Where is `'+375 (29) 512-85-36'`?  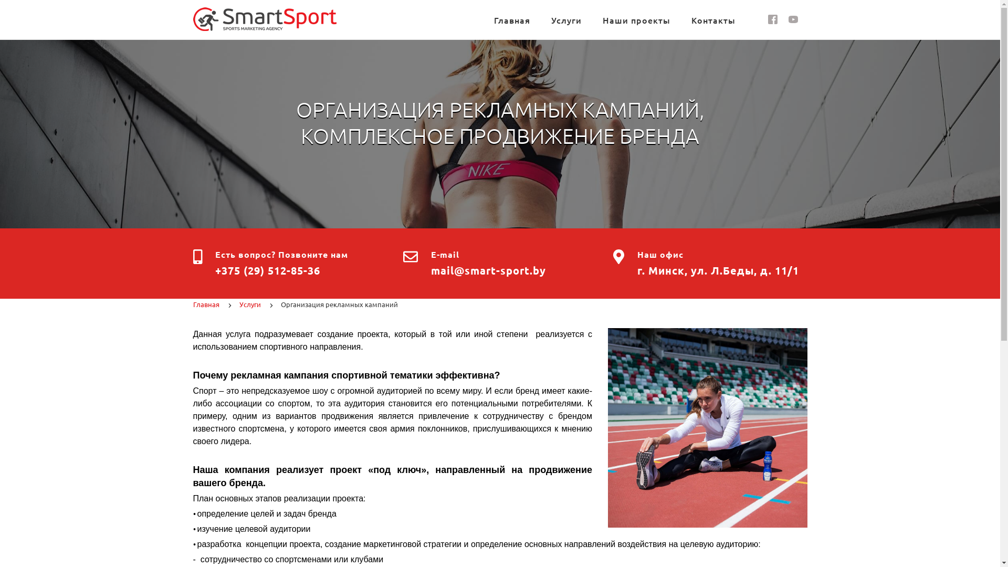 '+375 (29) 512-85-36' is located at coordinates (267, 270).